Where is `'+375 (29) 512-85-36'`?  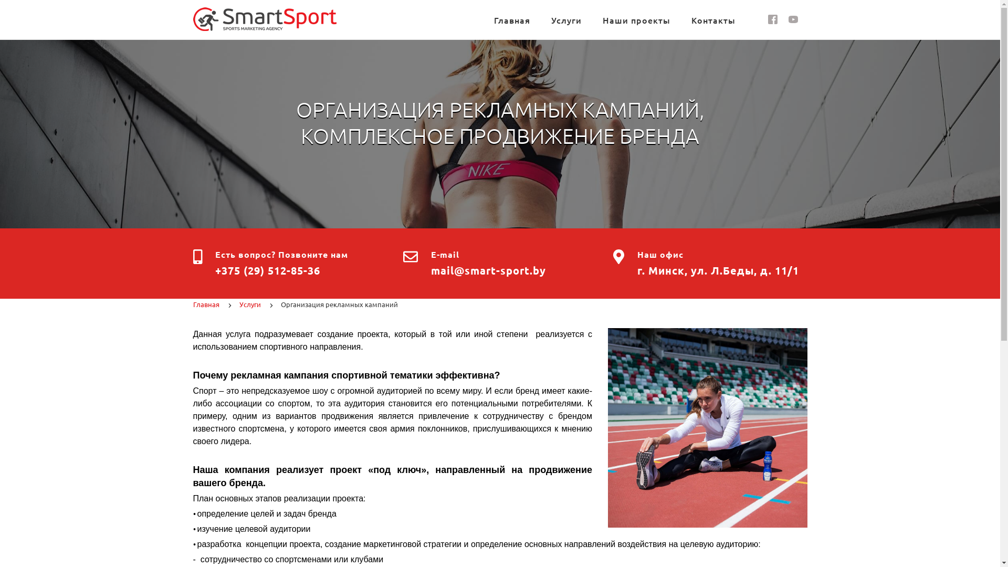 '+375 (29) 512-85-36' is located at coordinates (267, 270).